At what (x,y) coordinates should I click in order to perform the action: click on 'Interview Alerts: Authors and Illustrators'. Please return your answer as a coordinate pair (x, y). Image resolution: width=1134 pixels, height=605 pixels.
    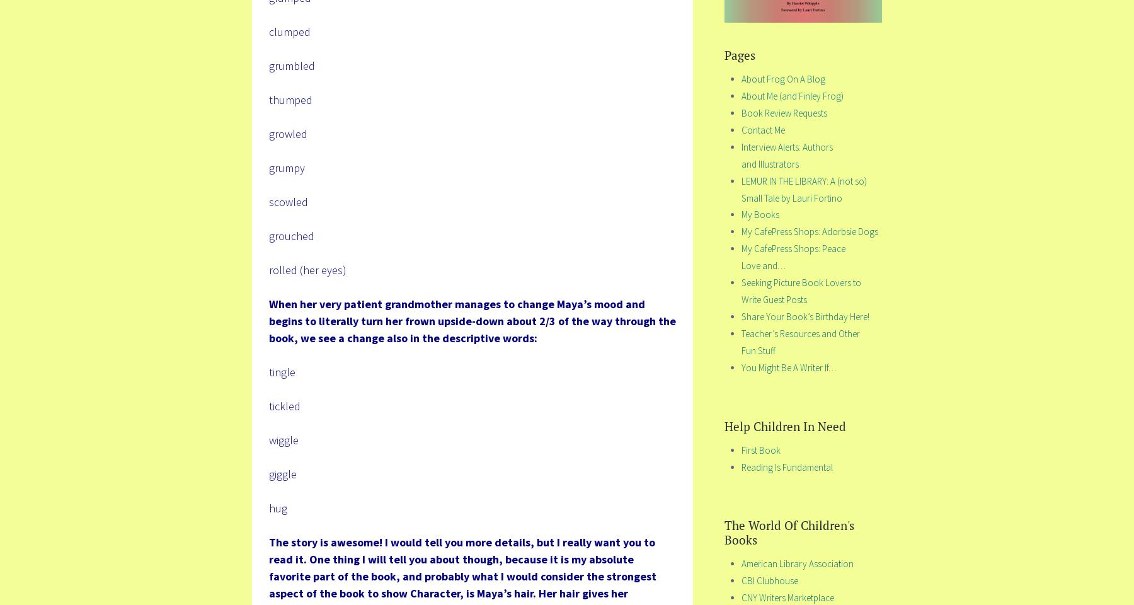
    Looking at the image, I should click on (741, 154).